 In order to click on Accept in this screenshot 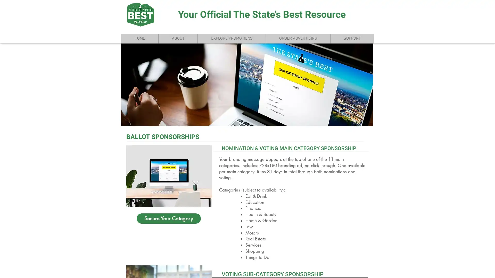, I will do `click(472, 270)`.